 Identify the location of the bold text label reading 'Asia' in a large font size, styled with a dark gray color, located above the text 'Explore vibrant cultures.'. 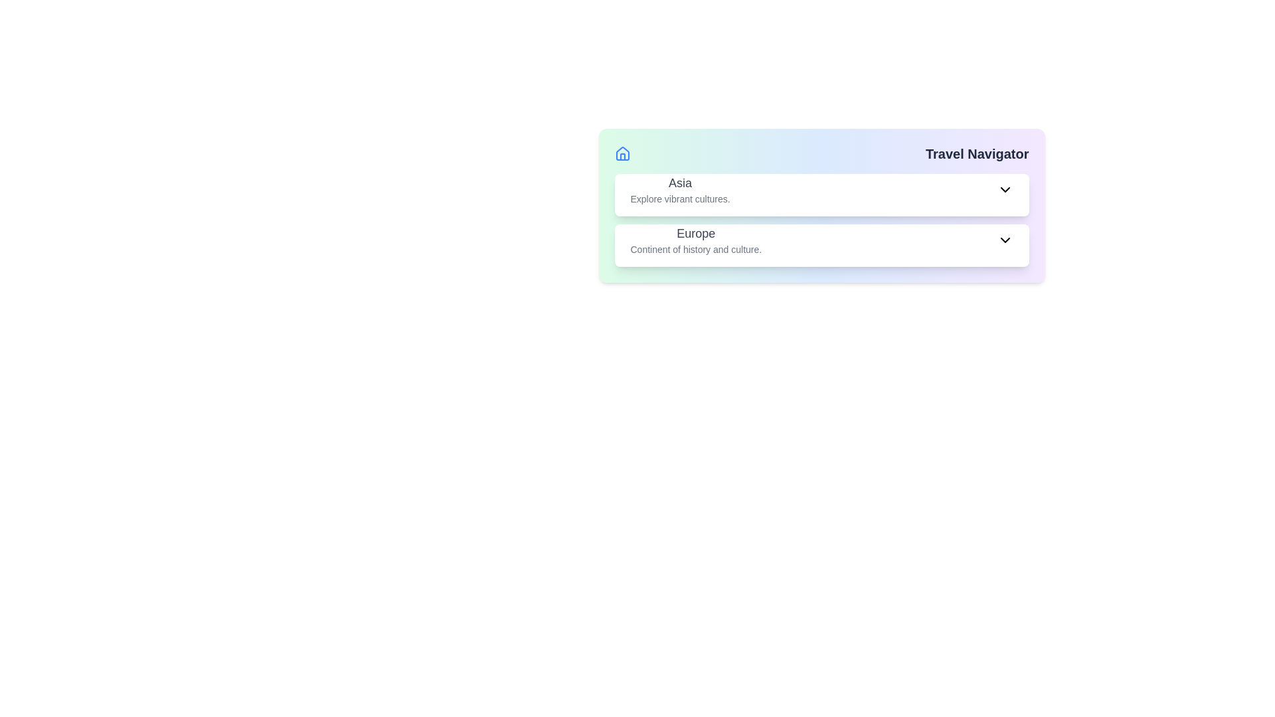
(680, 183).